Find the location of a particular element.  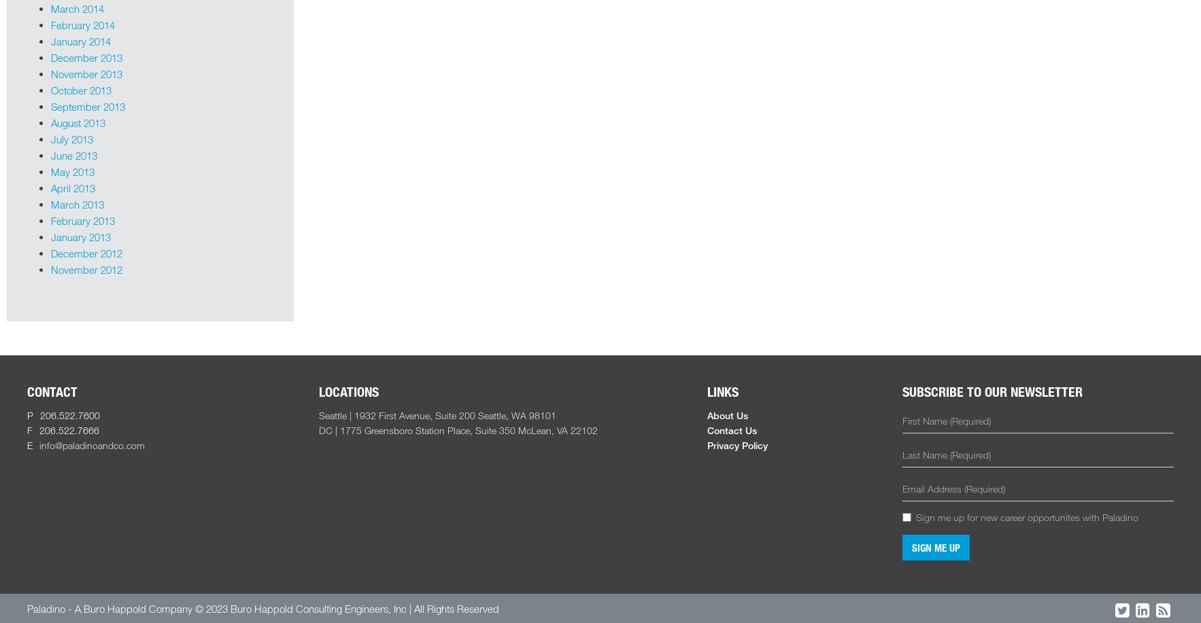

'September 2013' is located at coordinates (87, 105).